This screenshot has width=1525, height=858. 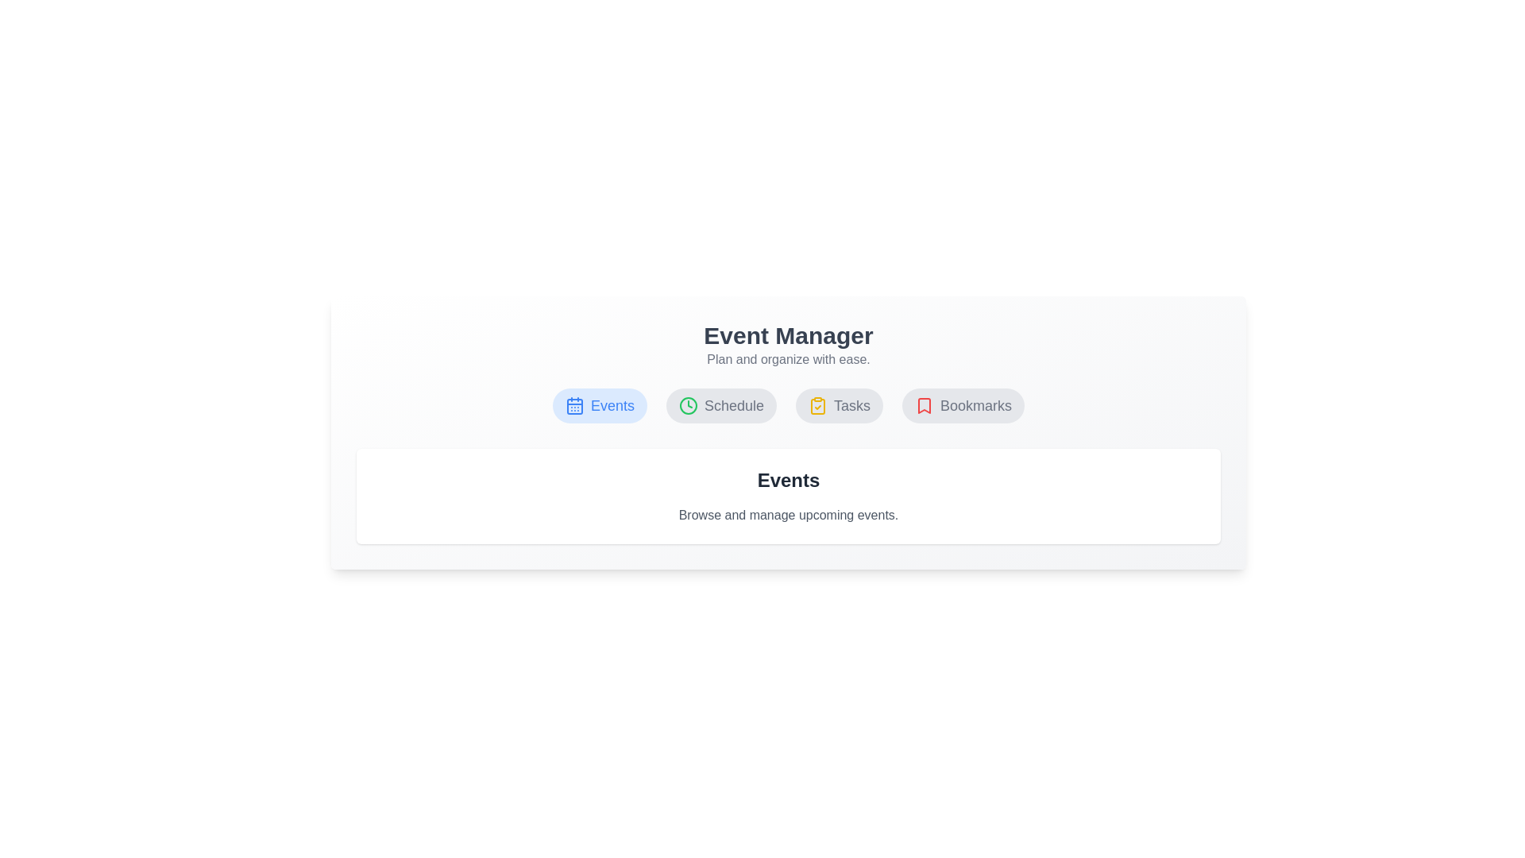 I want to click on the tab button labeled Events to visually focus it, so click(x=598, y=404).